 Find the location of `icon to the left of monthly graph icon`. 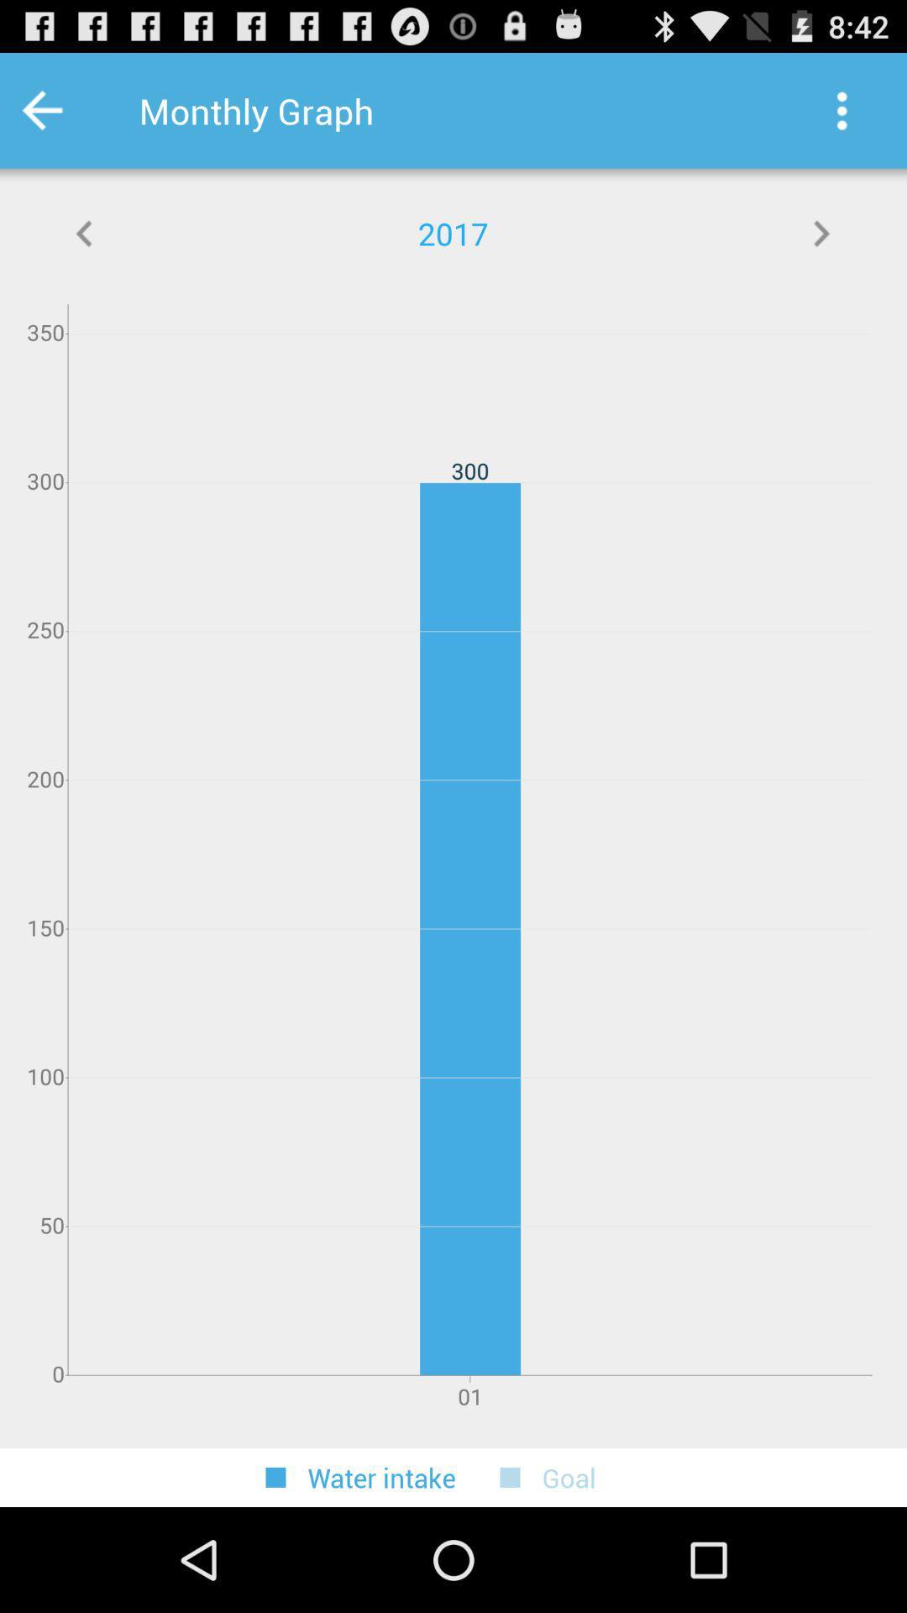

icon to the left of monthly graph icon is located at coordinates (64, 110).